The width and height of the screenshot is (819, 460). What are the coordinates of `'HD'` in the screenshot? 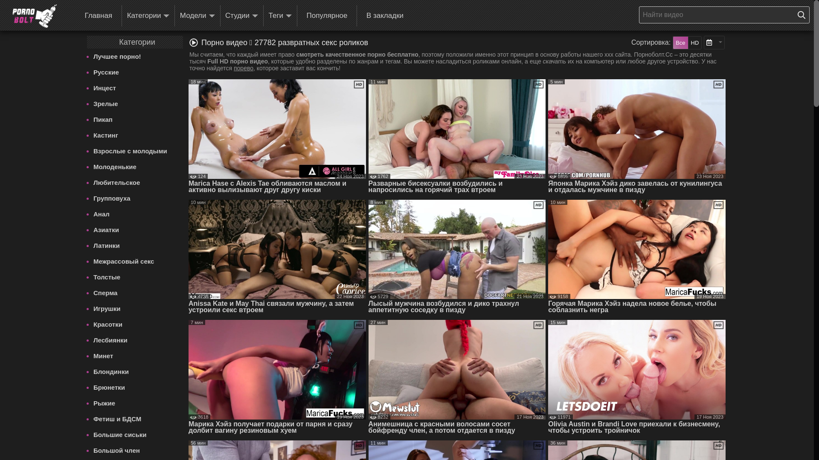 It's located at (688, 43).